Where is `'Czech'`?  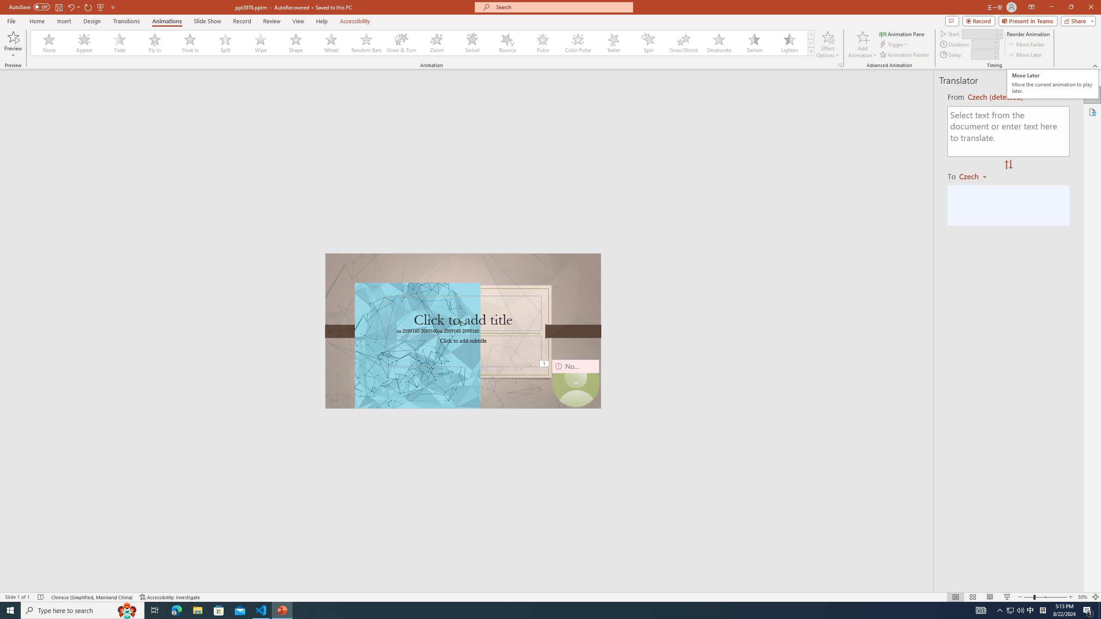 'Czech' is located at coordinates (976, 176).